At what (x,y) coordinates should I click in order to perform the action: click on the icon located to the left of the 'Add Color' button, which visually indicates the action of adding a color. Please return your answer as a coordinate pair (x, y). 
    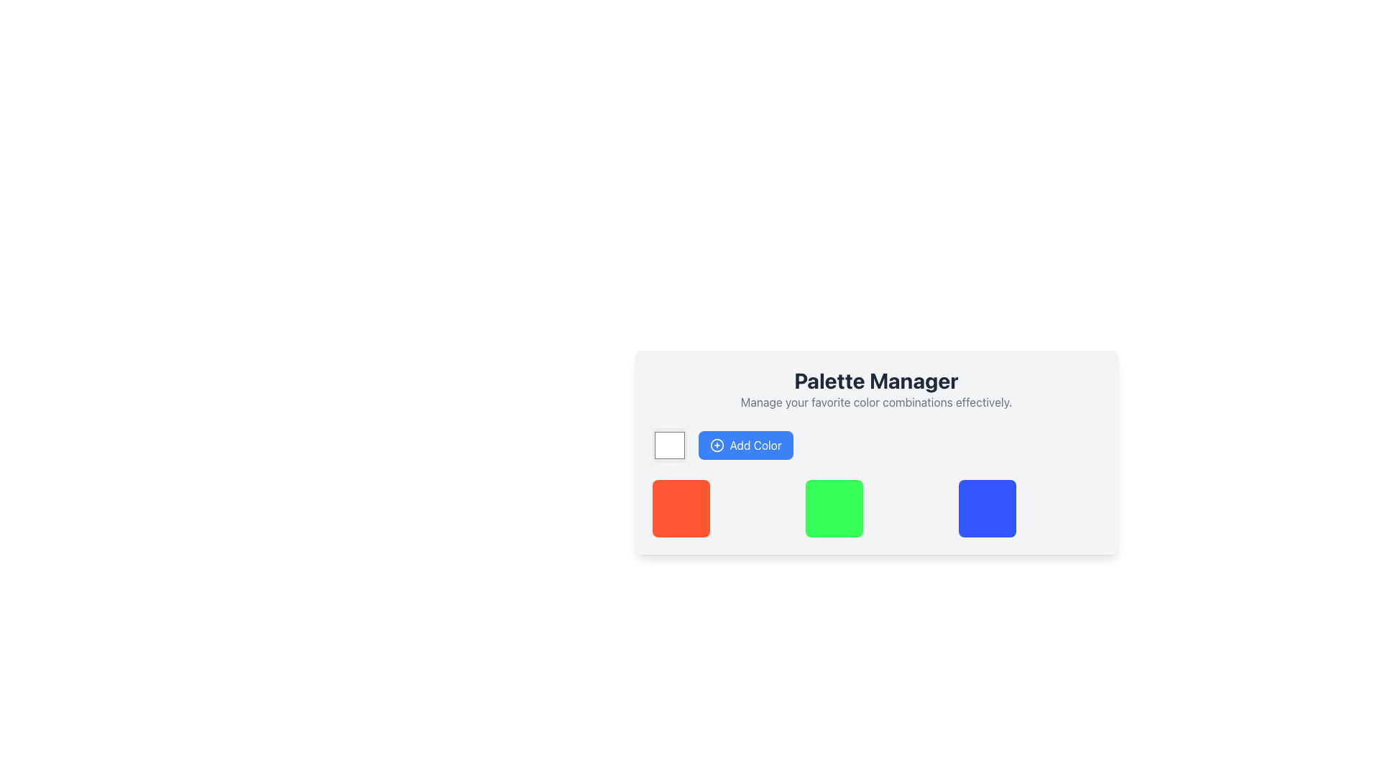
    Looking at the image, I should click on (717, 445).